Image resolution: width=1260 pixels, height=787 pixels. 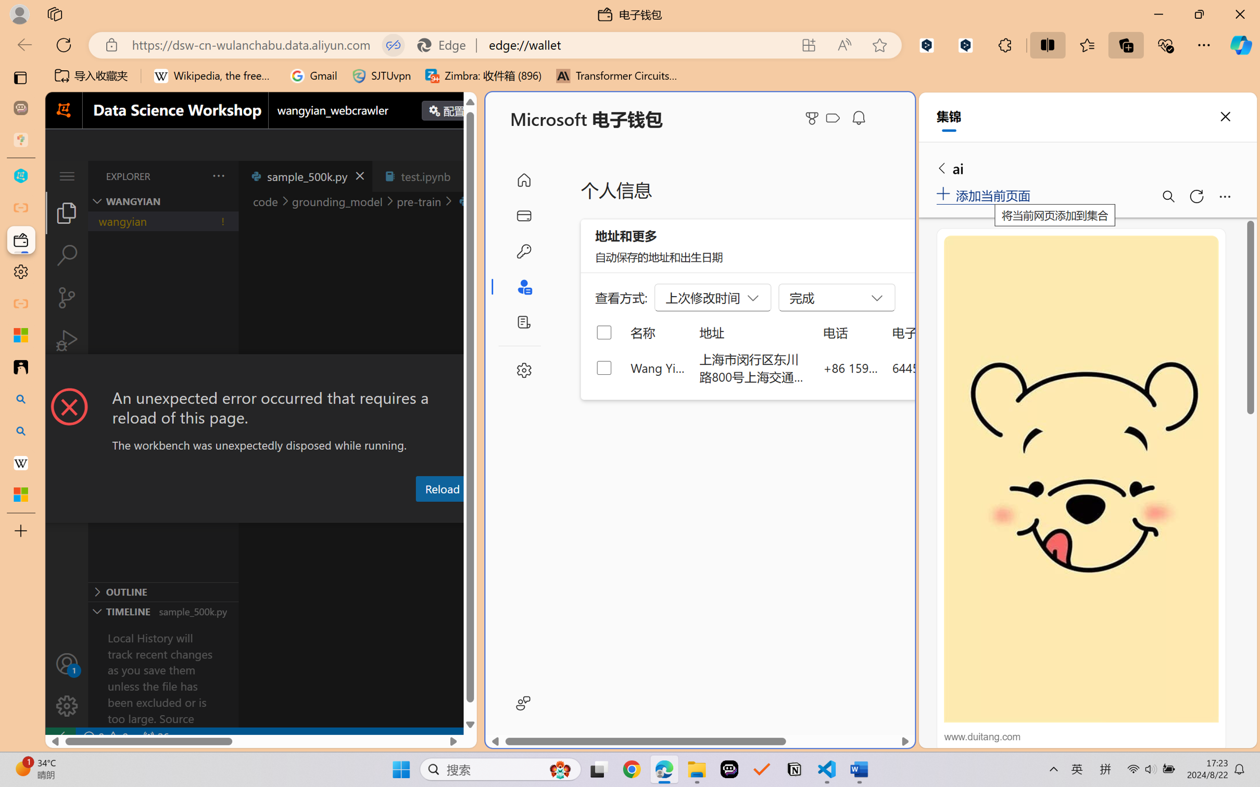 I want to click on 'Accounts - Sign in requested', so click(x=66, y=663).